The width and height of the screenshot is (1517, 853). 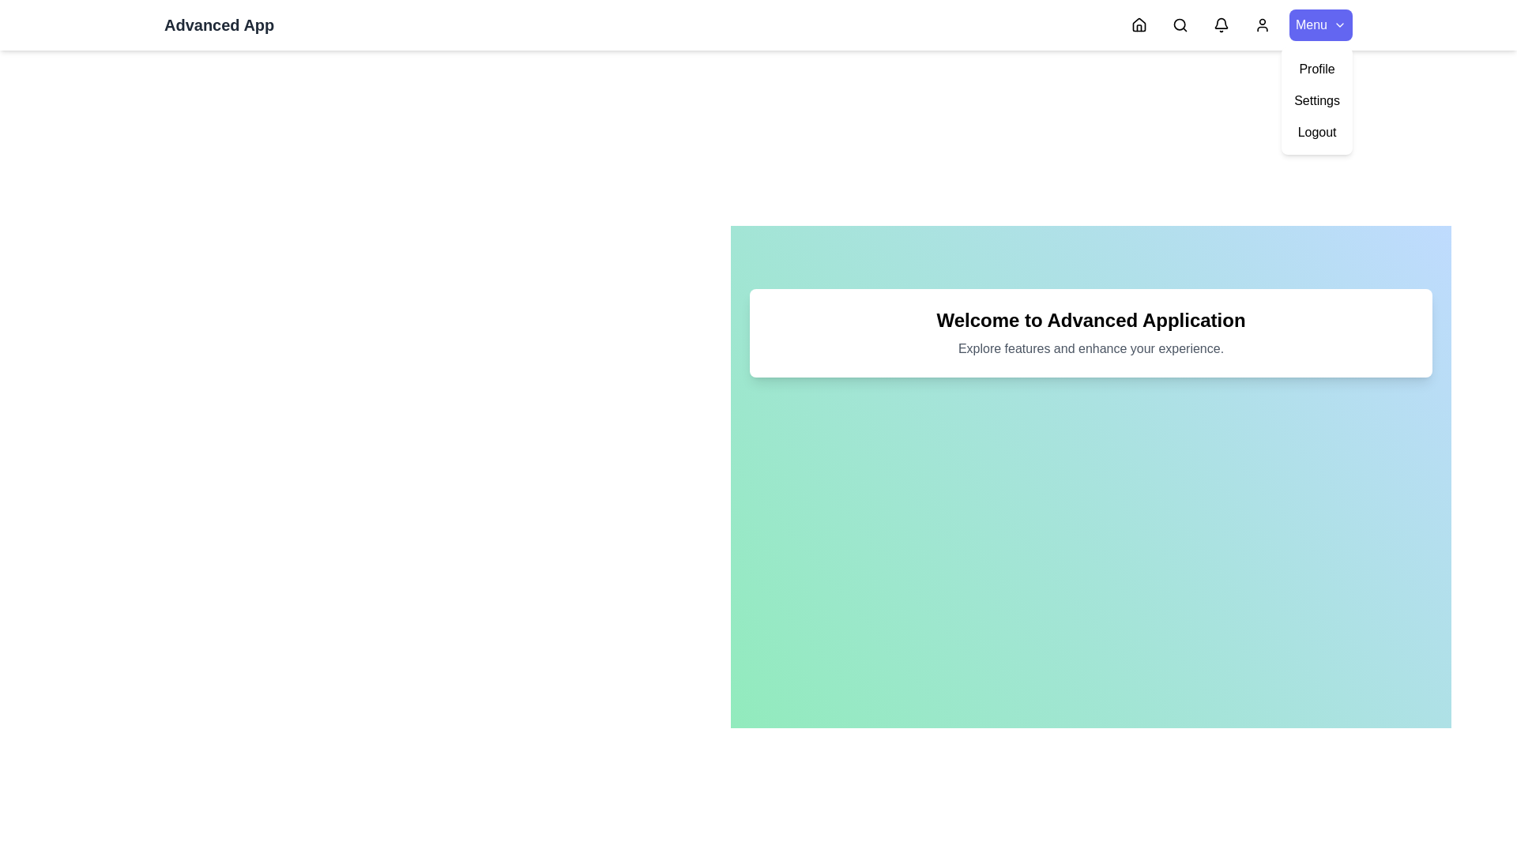 What do you see at coordinates (1320, 24) in the screenshot?
I see `the 'Menu' button to toggle the dropdown menu` at bounding box center [1320, 24].